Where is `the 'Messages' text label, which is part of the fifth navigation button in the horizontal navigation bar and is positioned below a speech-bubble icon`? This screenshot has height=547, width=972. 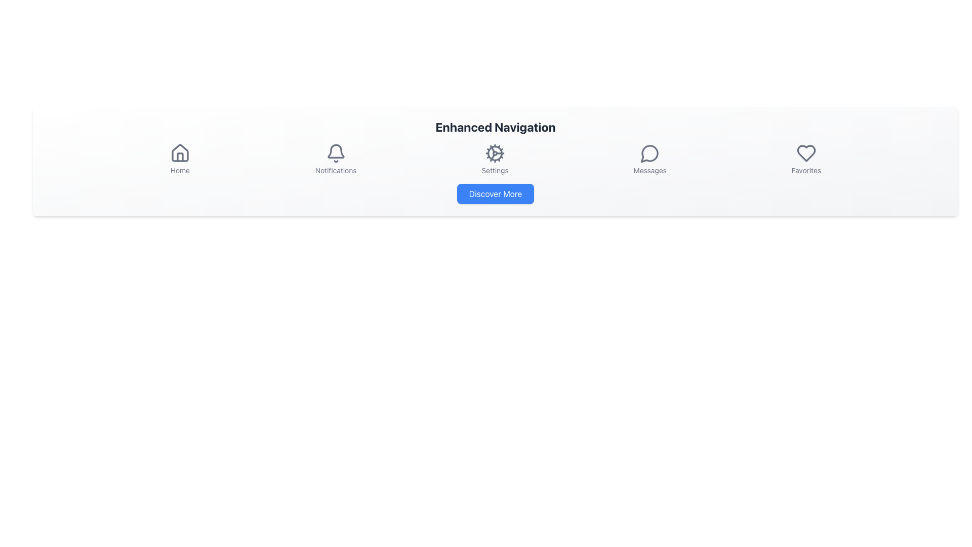
the 'Messages' text label, which is part of the fifth navigation button in the horizontal navigation bar and is positioned below a speech-bubble icon is located at coordinates (650, 170).